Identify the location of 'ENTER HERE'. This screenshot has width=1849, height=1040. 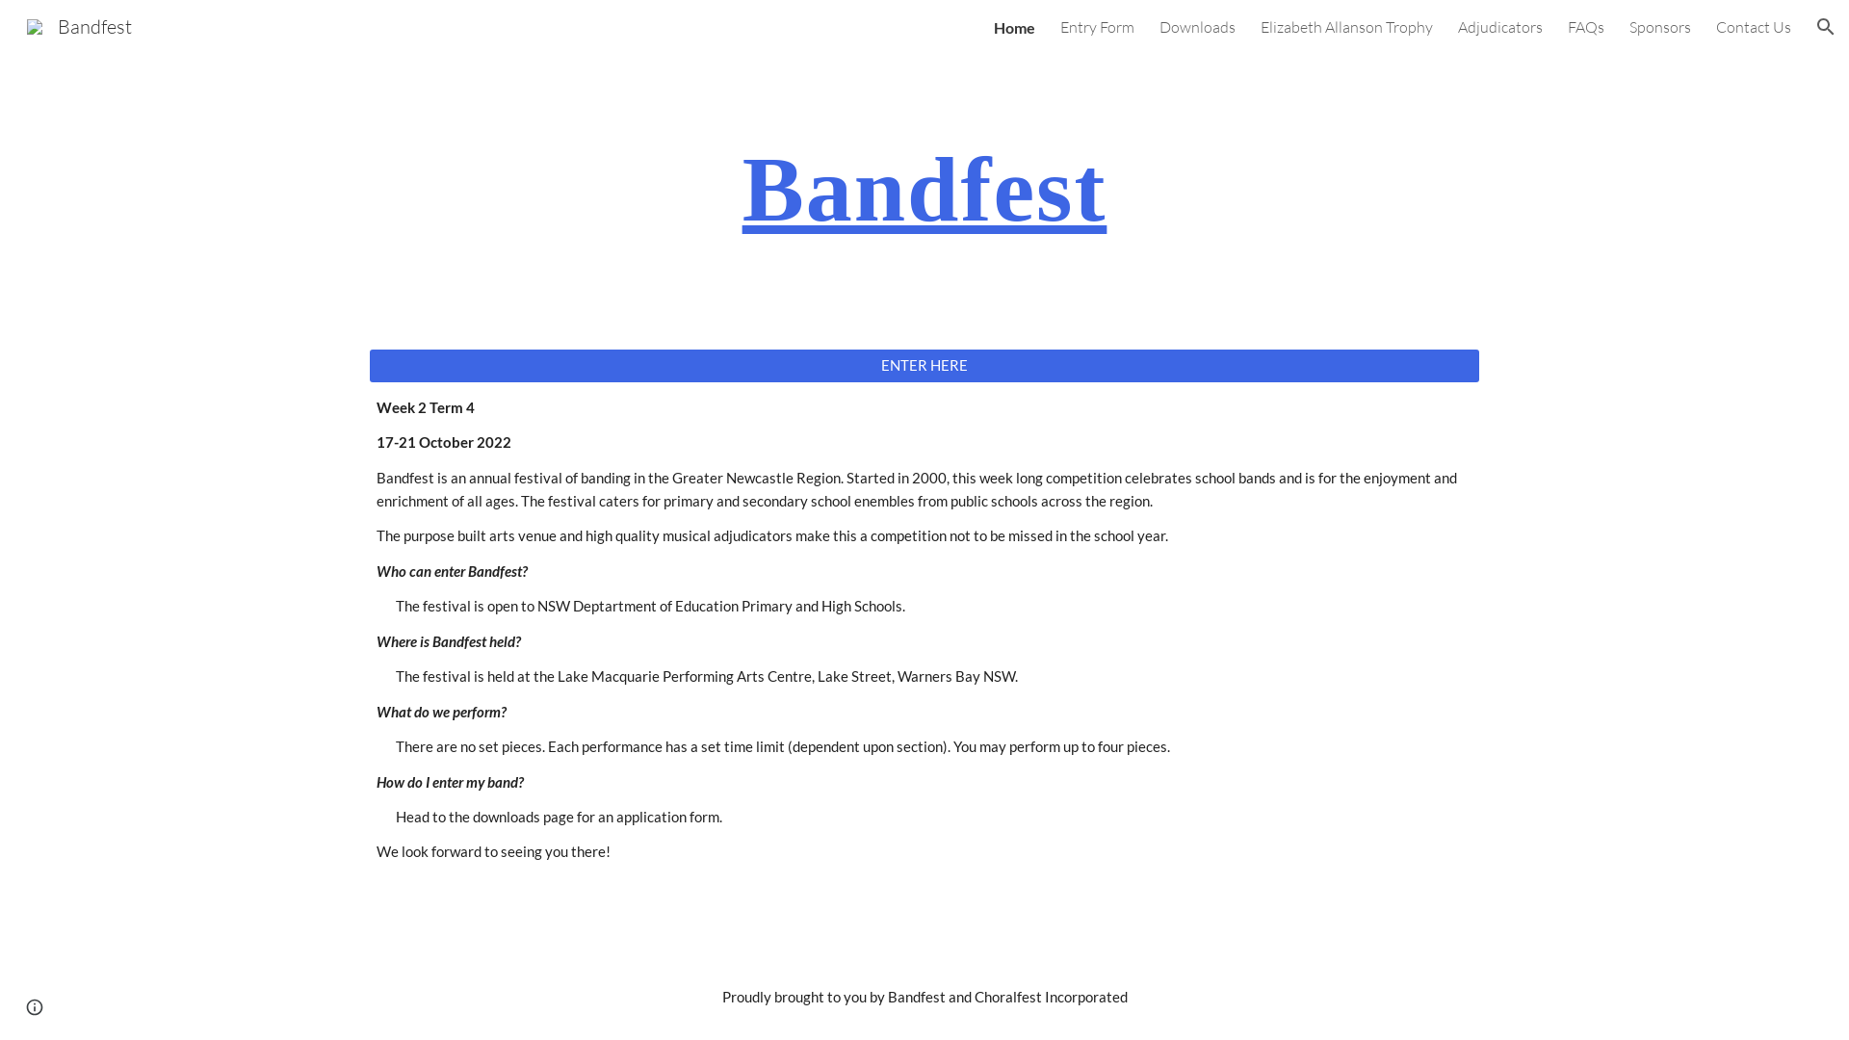
(924, 364).